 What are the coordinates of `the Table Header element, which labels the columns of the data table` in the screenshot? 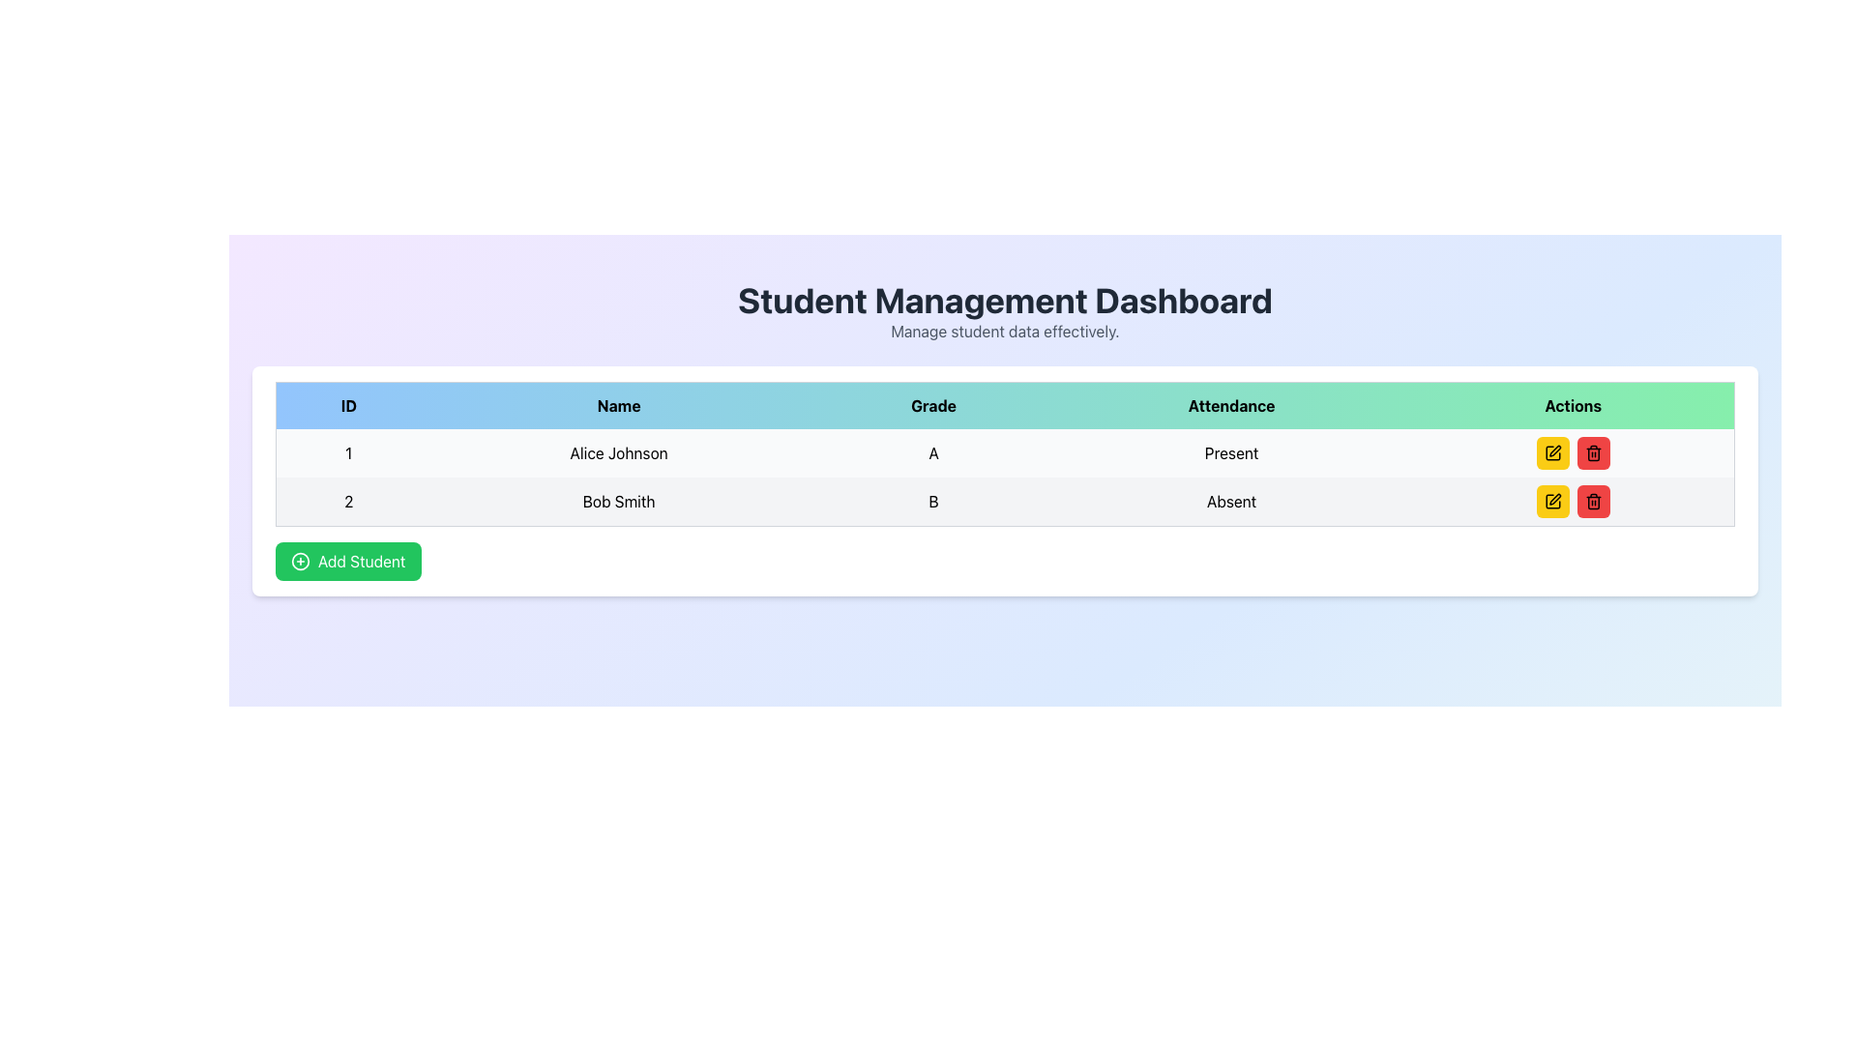 It's located at (1005, 404).